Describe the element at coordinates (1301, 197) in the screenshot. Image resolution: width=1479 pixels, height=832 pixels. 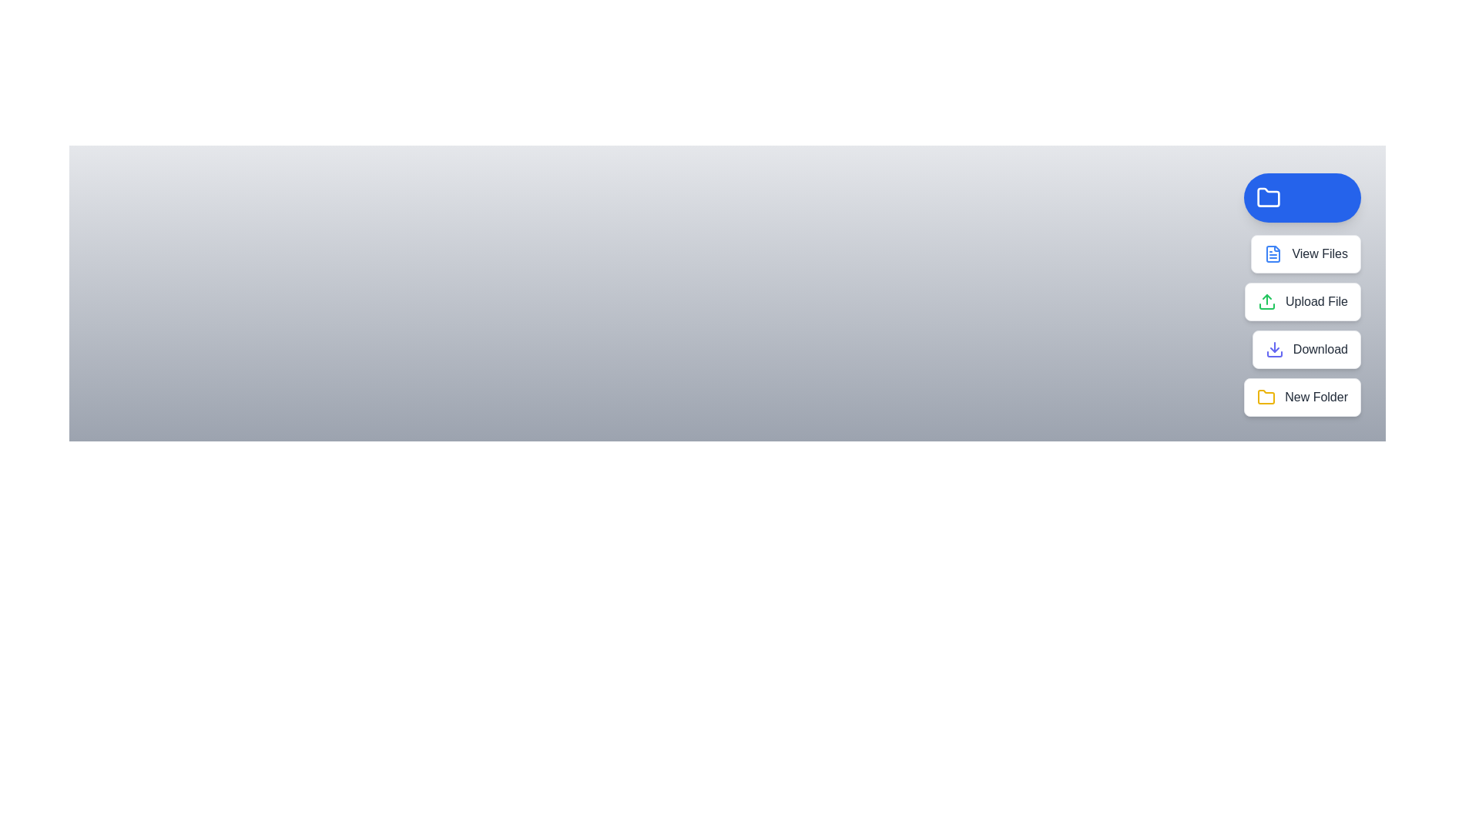
I see `the main button to toggle the menu` at that location.